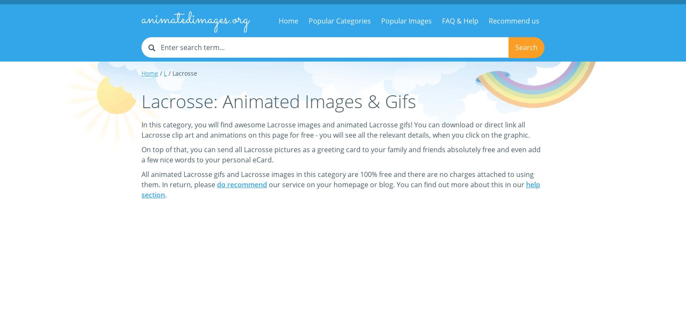  Describe the element at coordinates (165, 73) in the screenshot. I see `'L'` at that location.